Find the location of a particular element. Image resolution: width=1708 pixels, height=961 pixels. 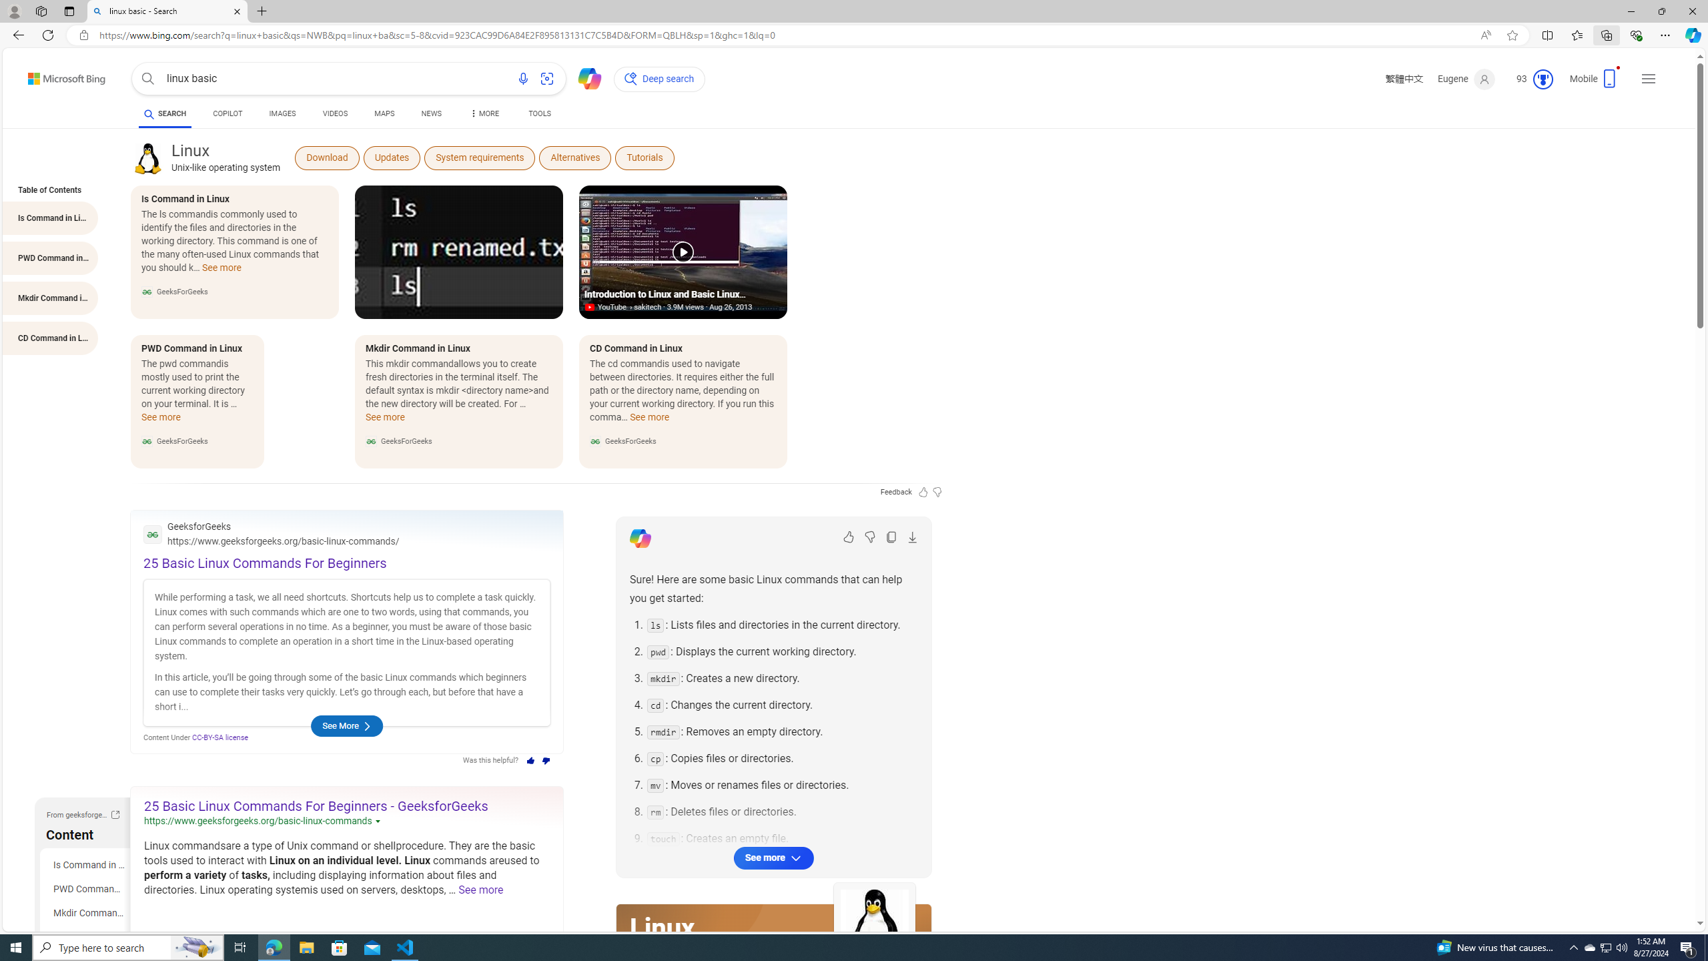

'See more Is Command in Linux' is located at coordinates (220, 270).